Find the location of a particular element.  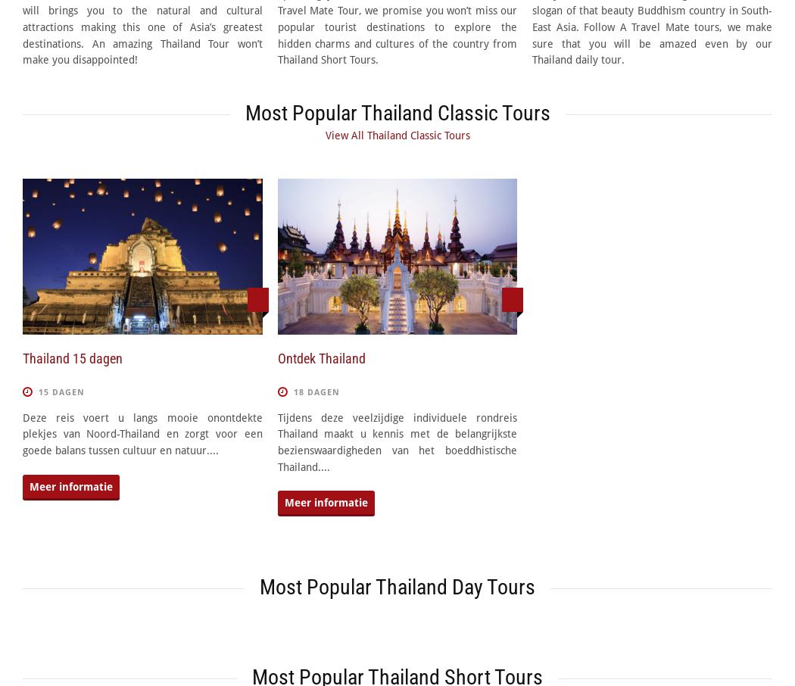

'18 dagen' is located at coordinates (293, 391).